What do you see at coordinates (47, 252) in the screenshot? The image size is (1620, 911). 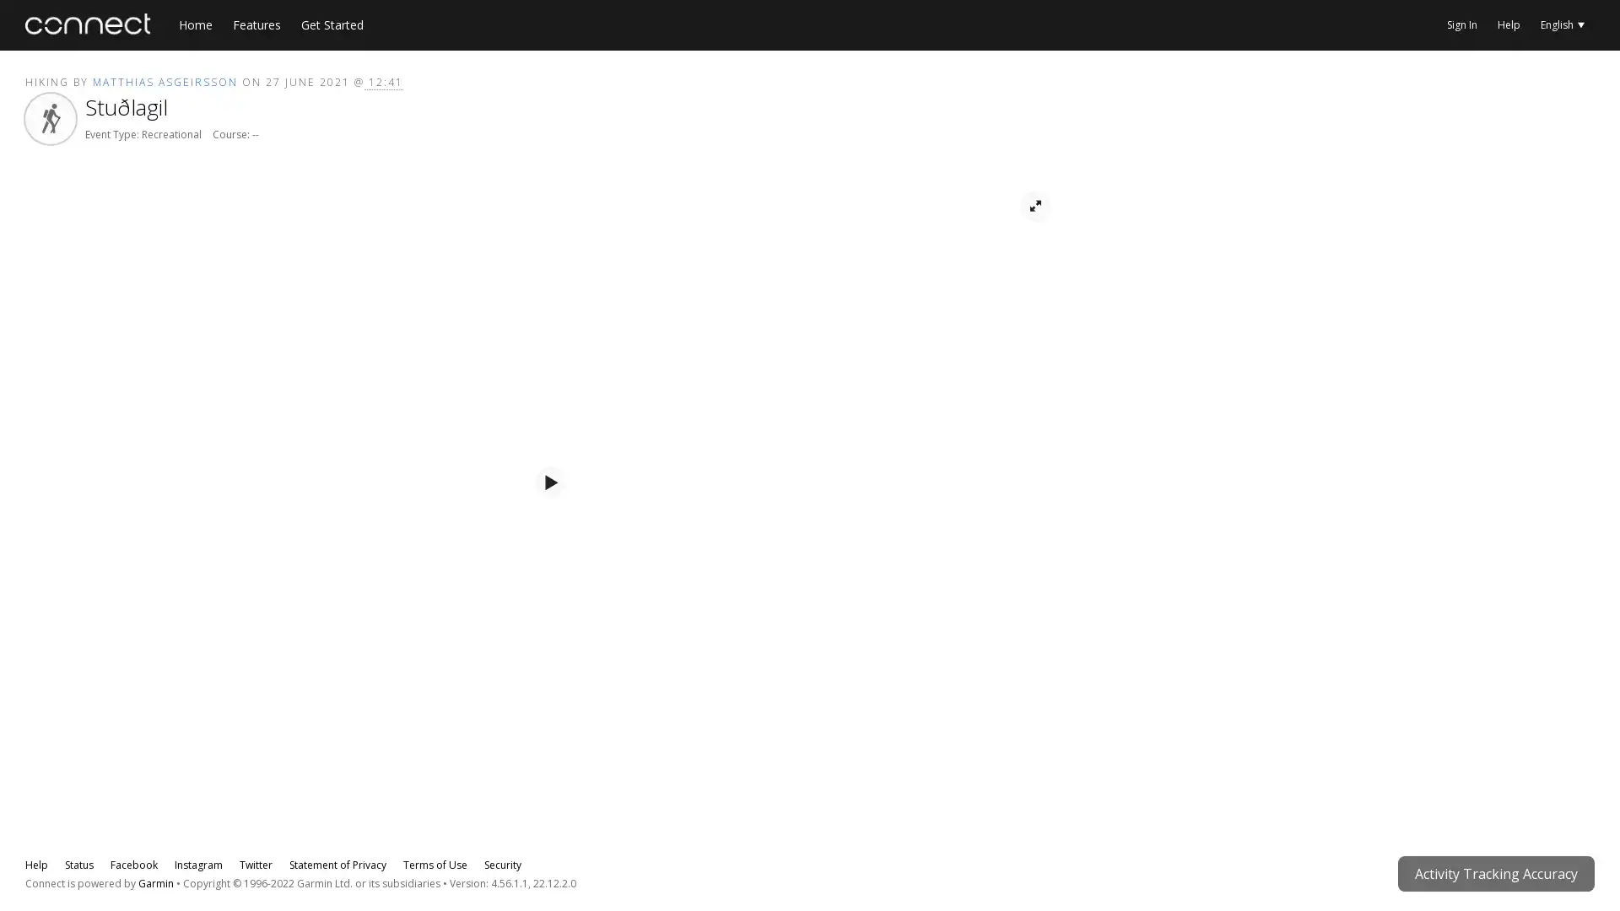 I see `Zoom In` at bounding box center [47, 252].